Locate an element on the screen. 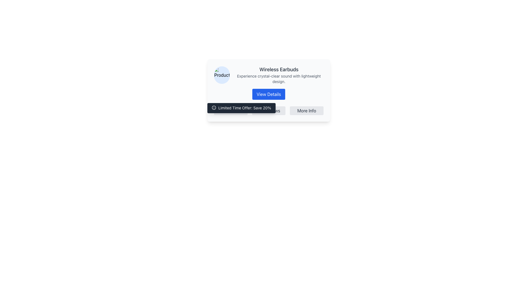  the 'More Info' button, which is a rectangular button with rounded corners, light gray background, and dark gray text, positioned to the far right in a group of three buttons is located at coordinates (306, 111).